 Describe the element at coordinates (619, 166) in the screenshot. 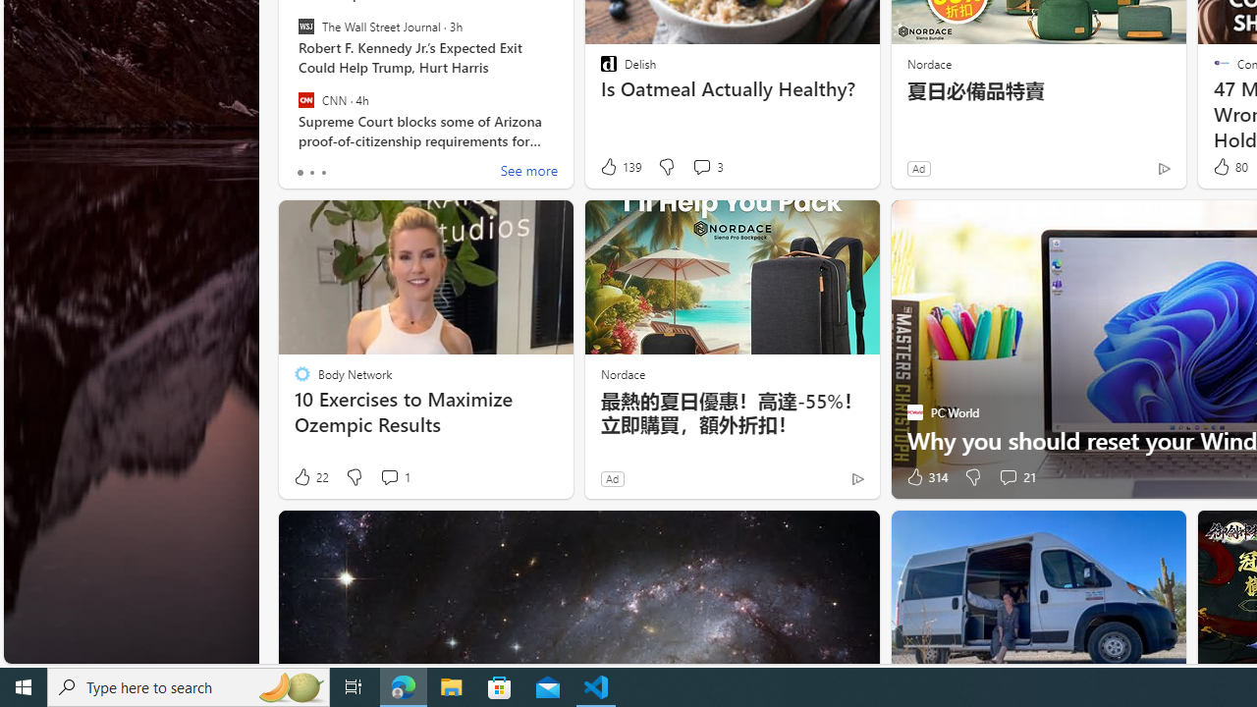

I see `'139 Like'` at that location.